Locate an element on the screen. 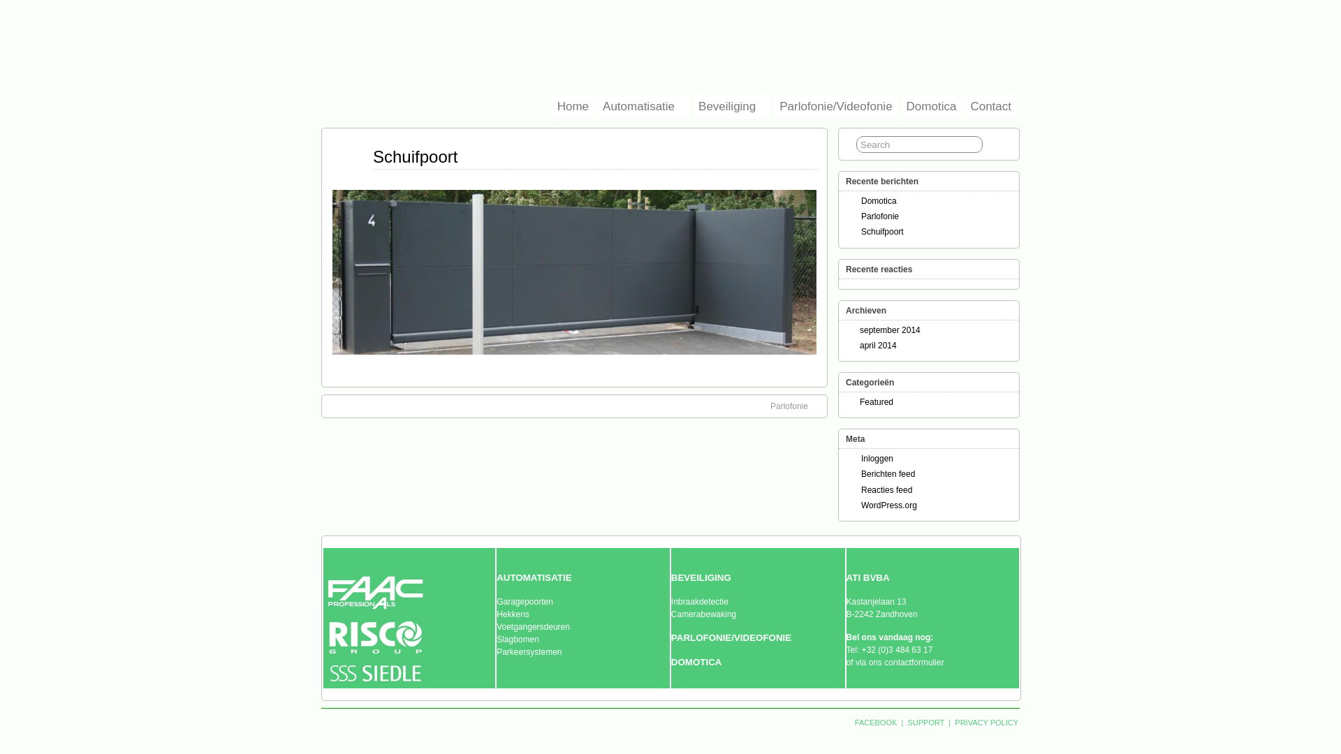 This screenshot has height=754, width=1341. 'Home' is located at coordinates (573, 105).